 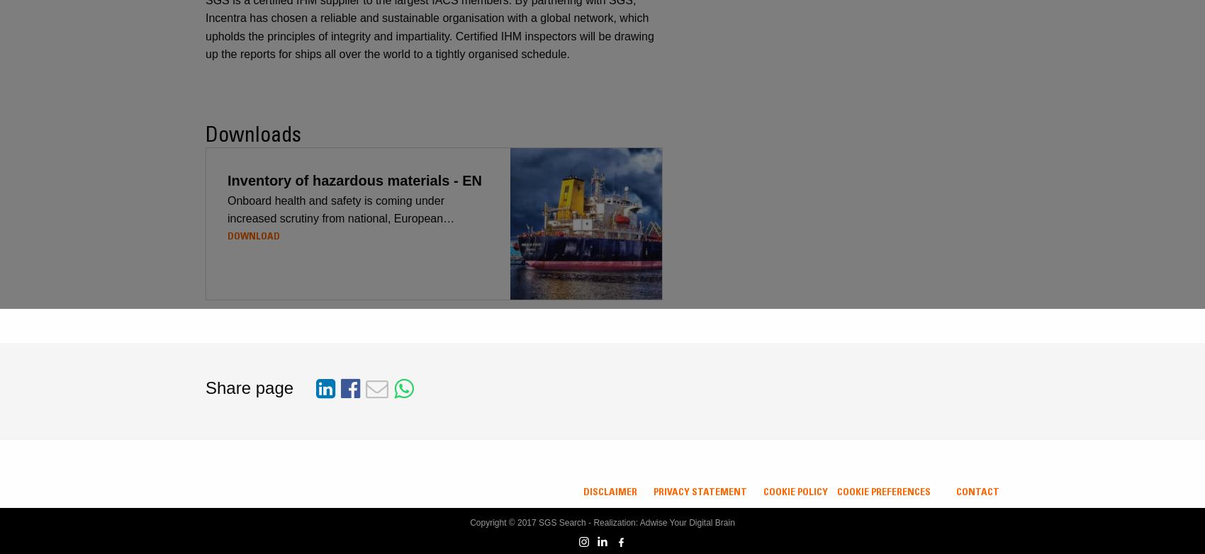 I want to click on 'Cookie Preferences', so click(x=882, y=490).